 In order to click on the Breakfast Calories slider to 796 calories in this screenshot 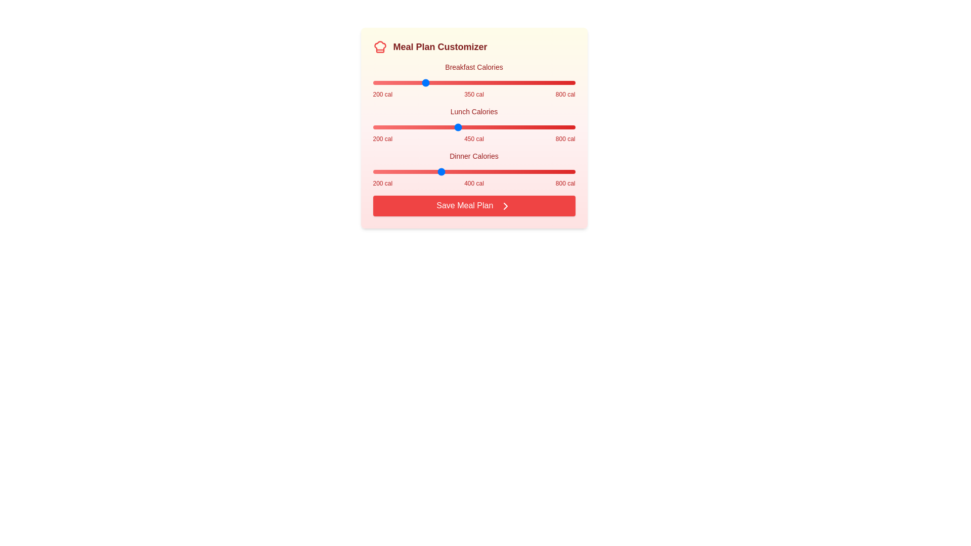, I will do `click(573, 82)`.